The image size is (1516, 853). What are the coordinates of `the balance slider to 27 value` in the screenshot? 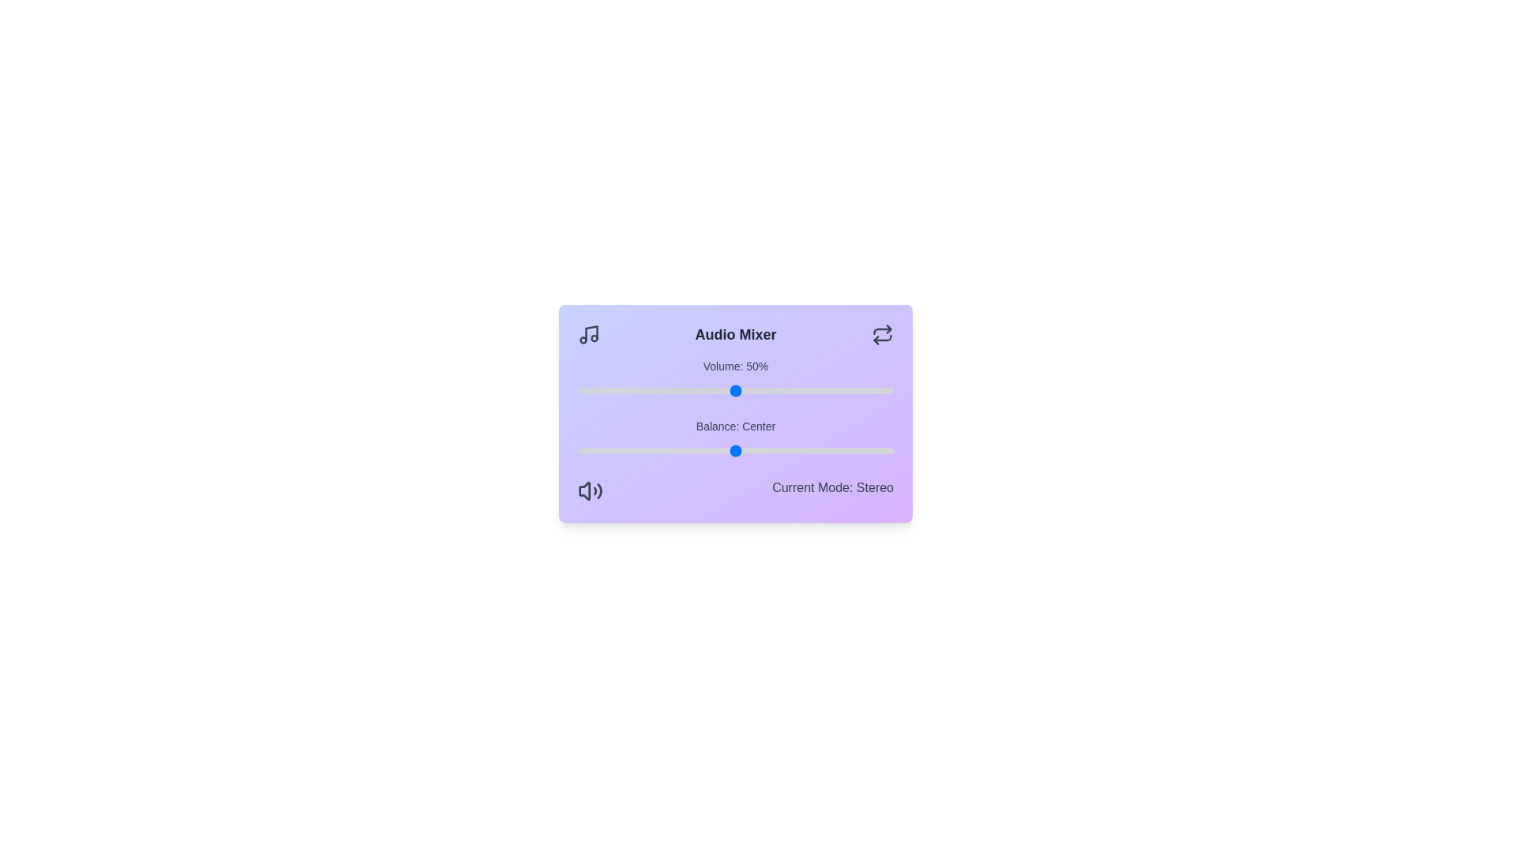 It's located at (821, 450).